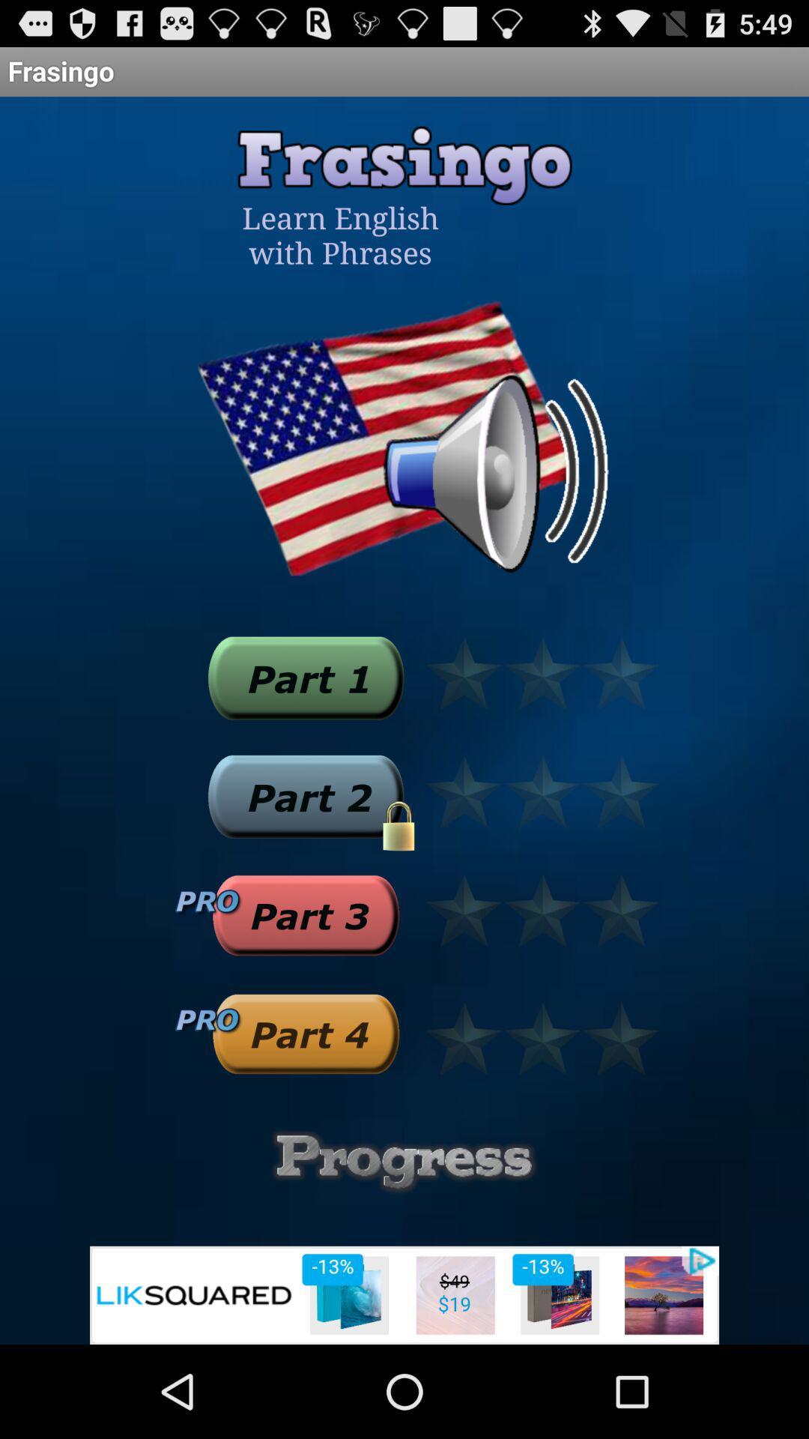 This screenshot has height=1439, width=809. I want to click on the skip_next icon, so click(305, 725).